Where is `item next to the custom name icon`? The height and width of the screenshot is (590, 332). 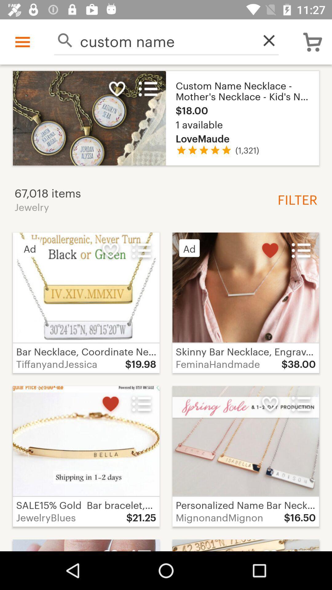
item next to the custom name icon is located at coordinates (265, 40).